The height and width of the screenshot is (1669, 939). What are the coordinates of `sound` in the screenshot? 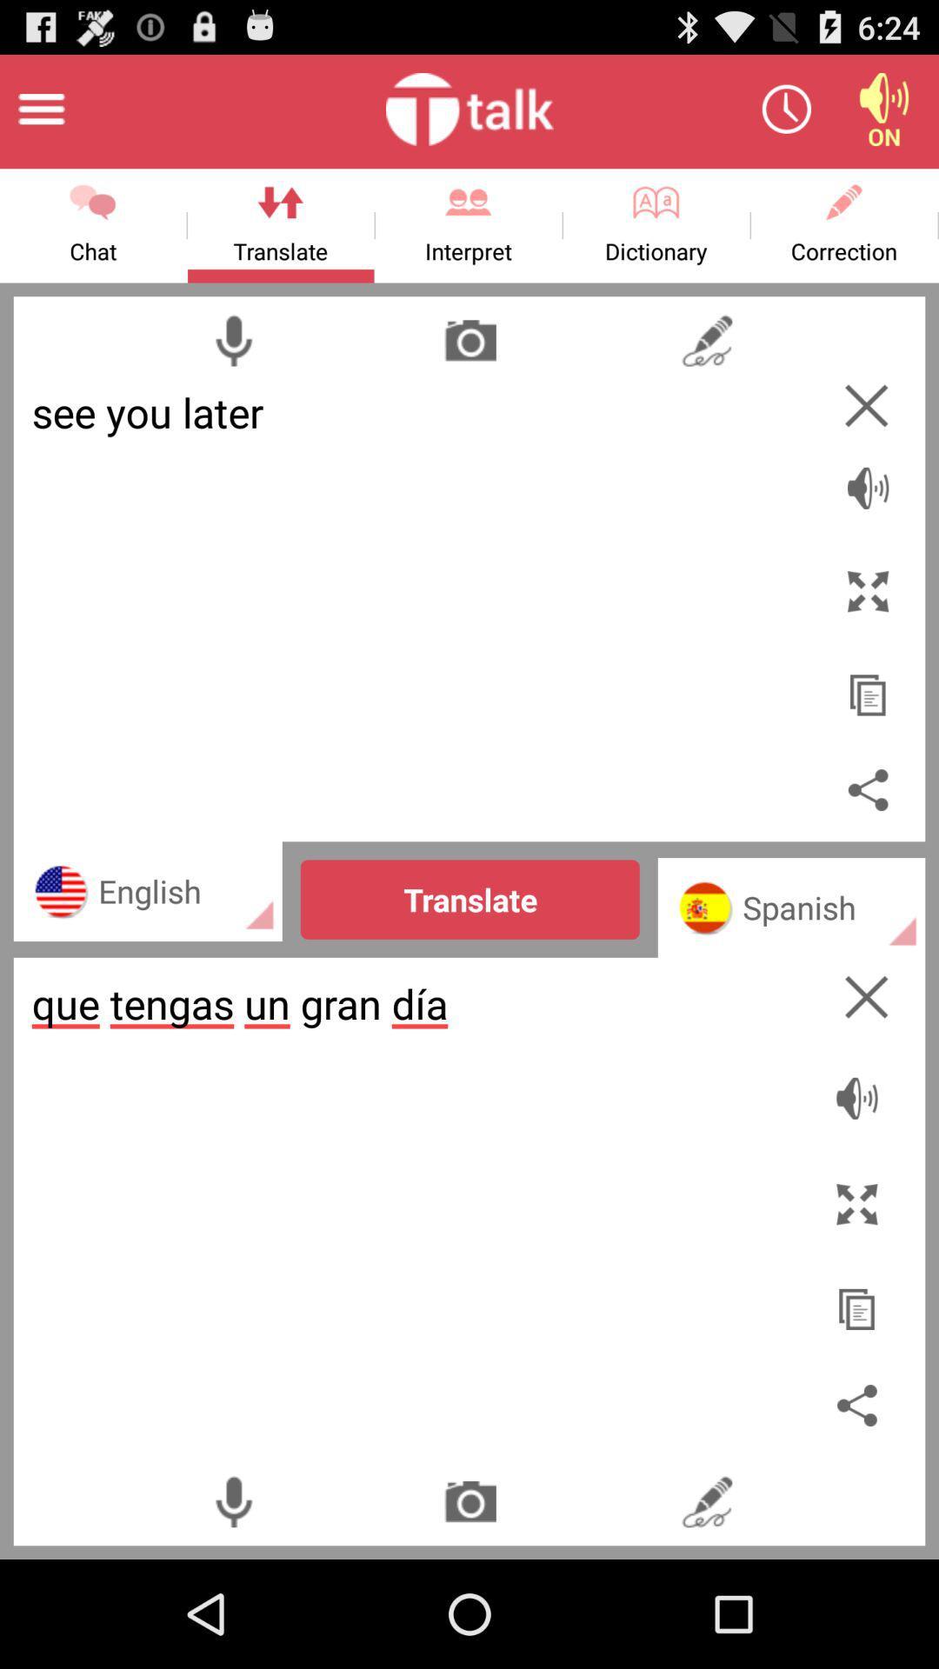 It's located at (861, 1088).